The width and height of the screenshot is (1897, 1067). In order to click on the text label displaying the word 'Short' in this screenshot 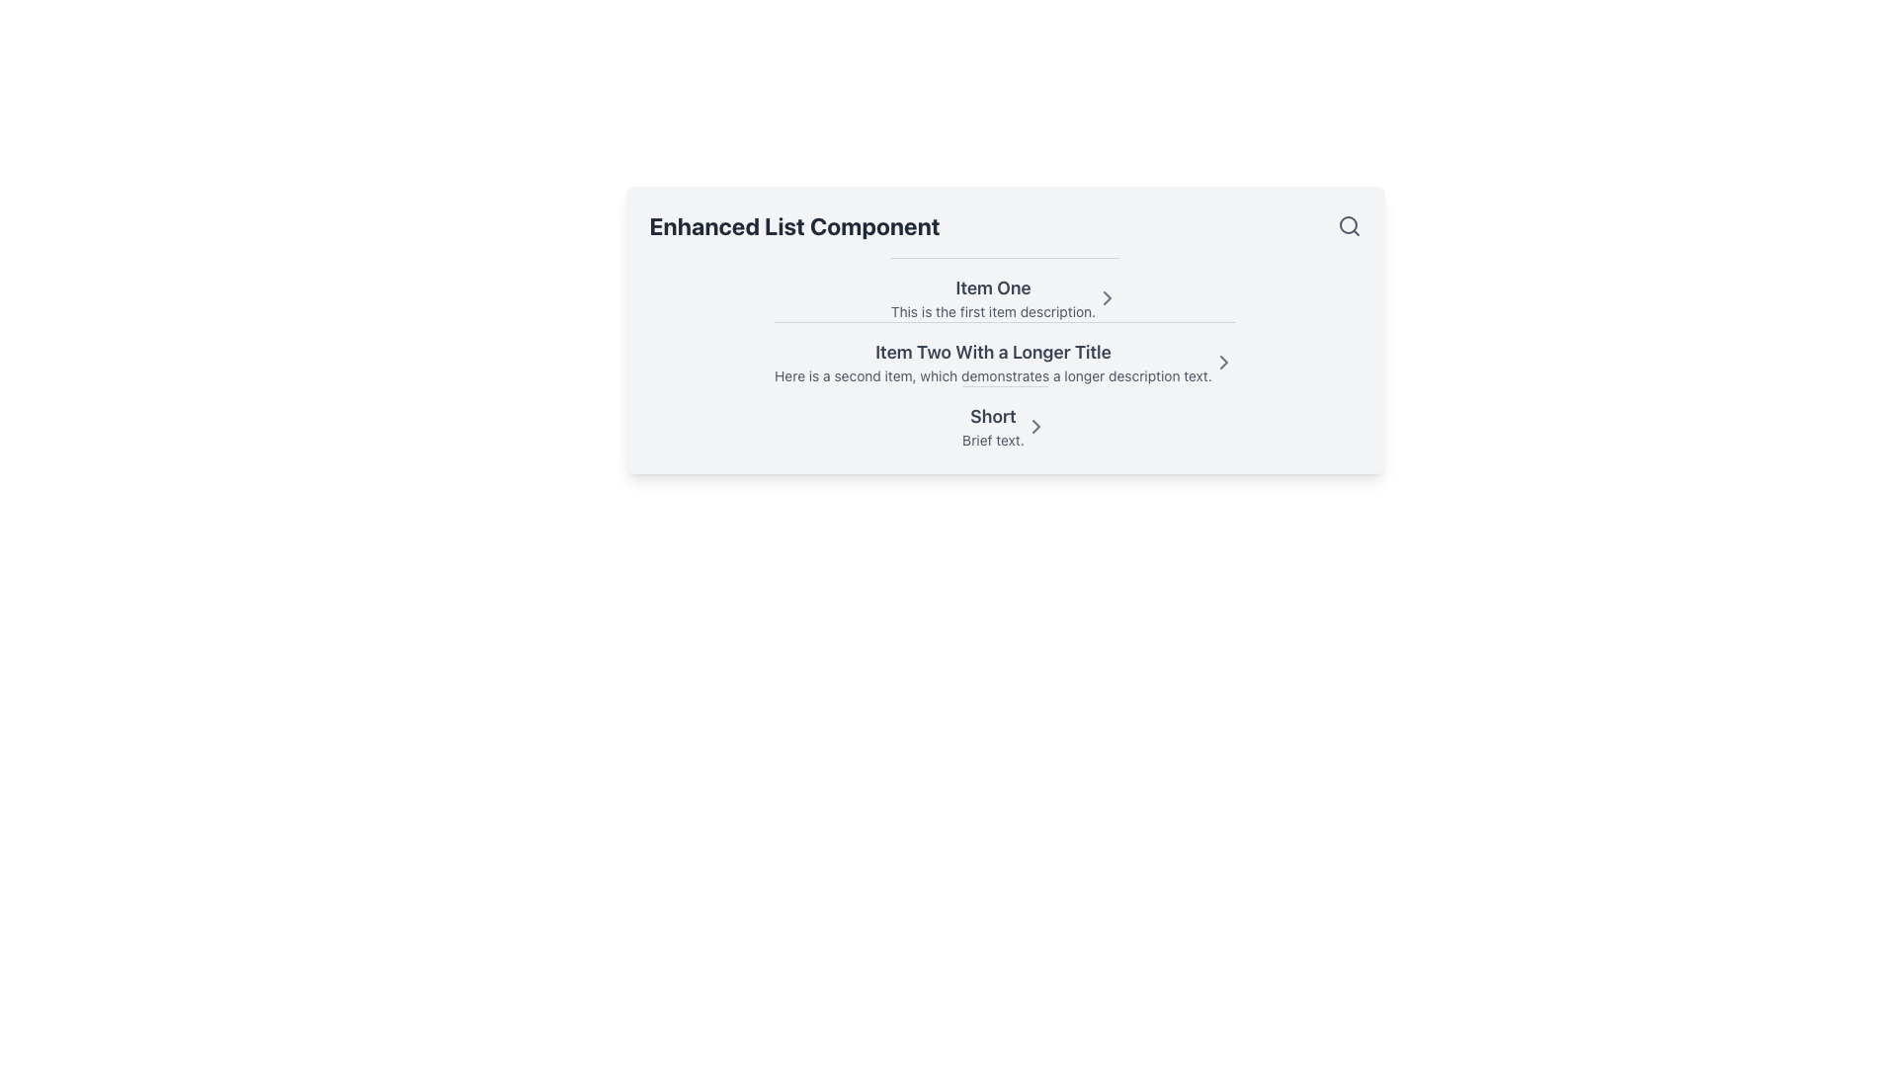, I will do `click(993, 415)`.